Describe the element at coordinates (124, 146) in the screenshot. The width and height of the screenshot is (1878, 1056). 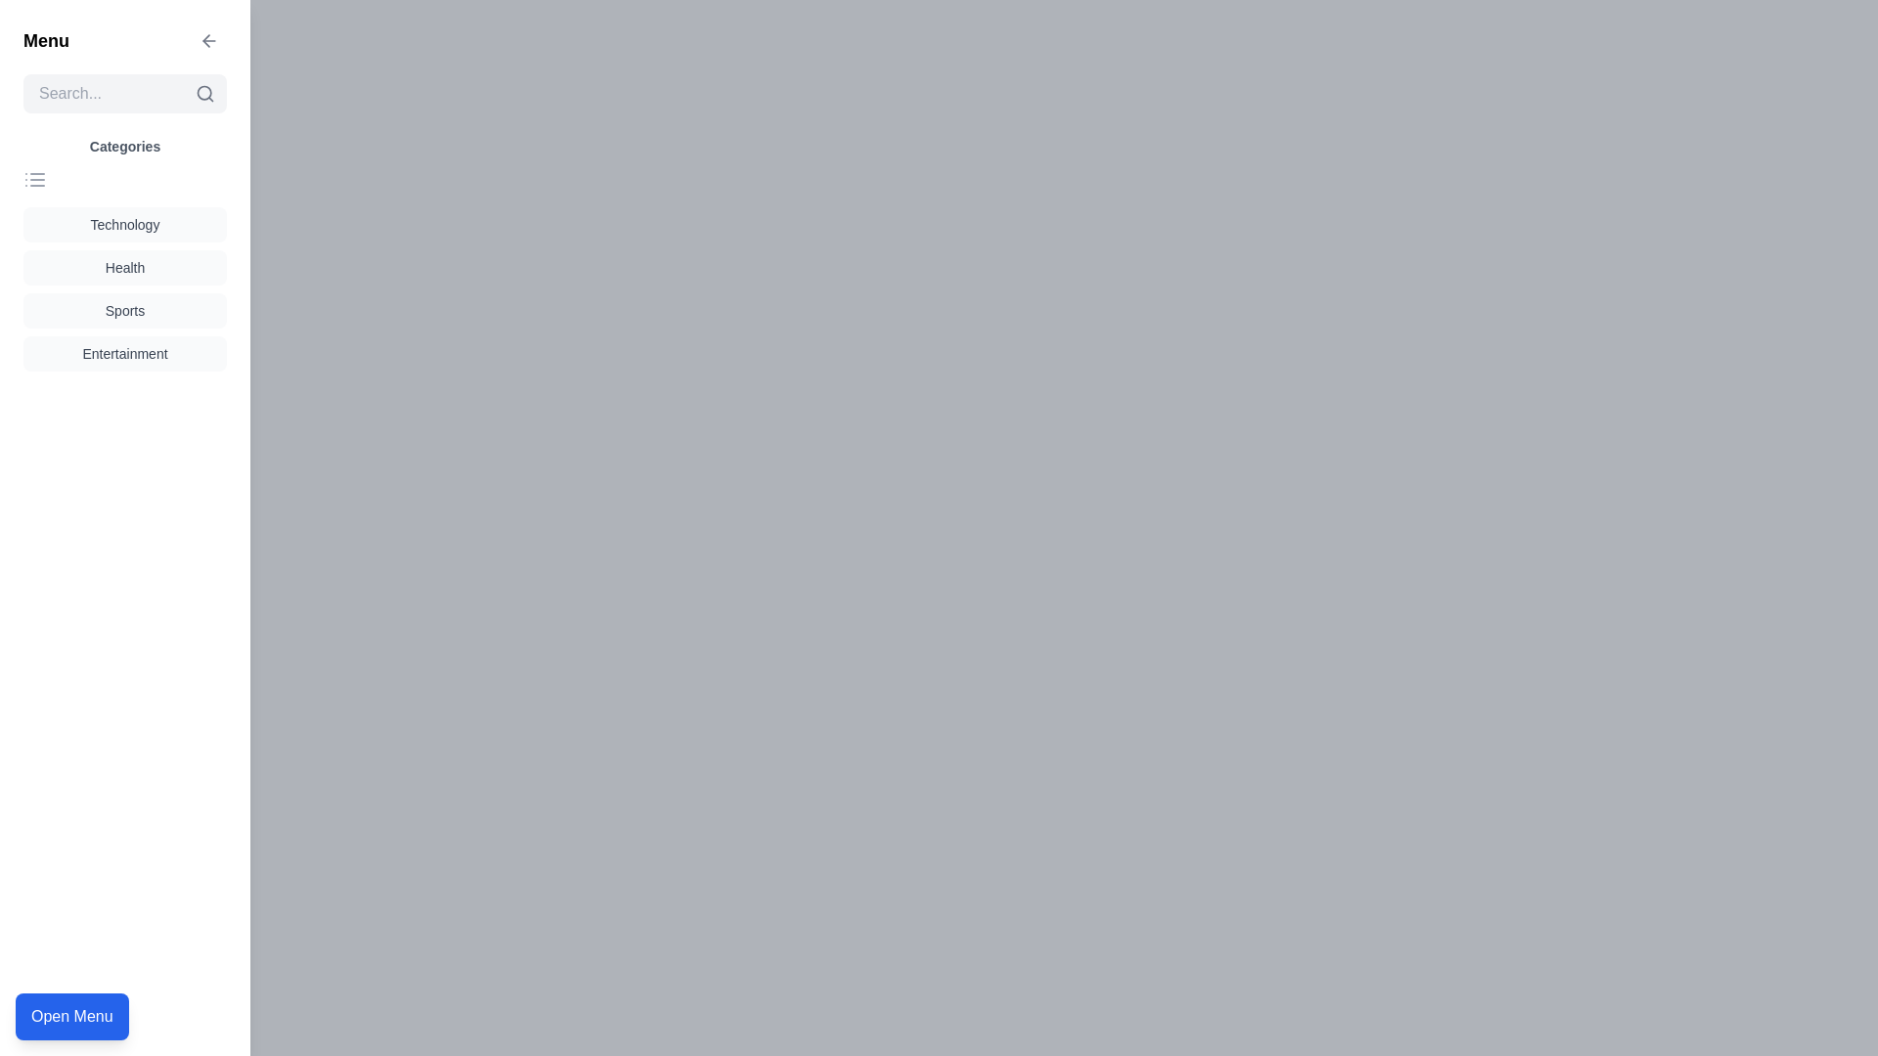
I see `the 'Categories' text label, which serves as a heading for the section below it, located in the vertical menu just below the search bar` at that location.